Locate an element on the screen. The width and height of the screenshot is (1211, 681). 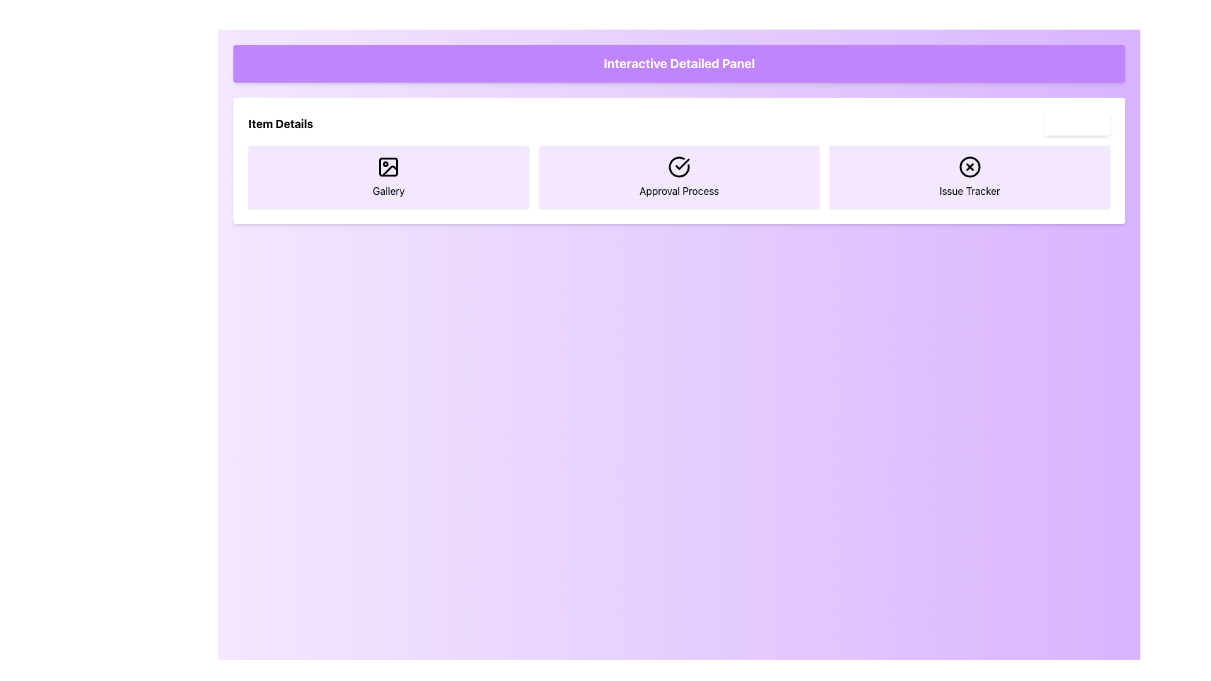
the Decorative SVG Icon located in the leftmost purple card labeled 'Gallery' in the 'Item Details' section, which visually signifies gallery-related functionality is located at coordinates (388, 166).